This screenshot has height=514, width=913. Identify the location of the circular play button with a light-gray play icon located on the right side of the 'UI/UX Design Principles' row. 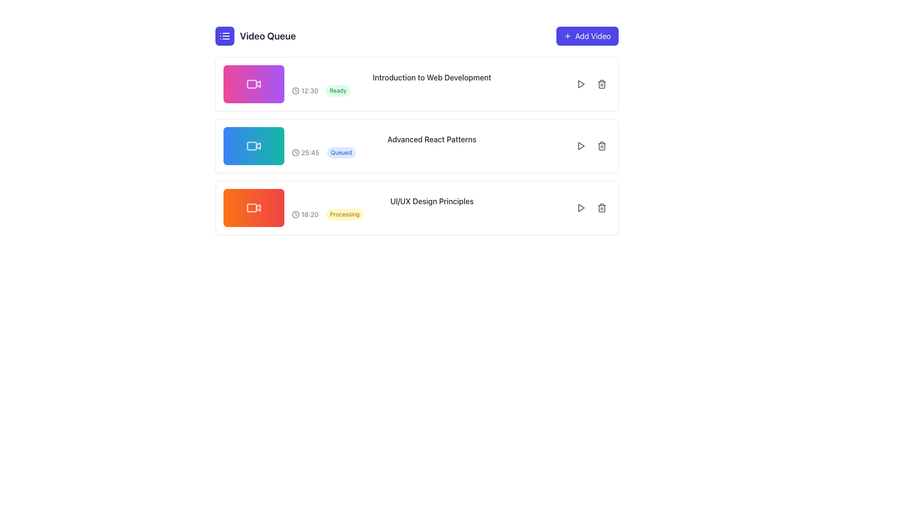
(580, 207).